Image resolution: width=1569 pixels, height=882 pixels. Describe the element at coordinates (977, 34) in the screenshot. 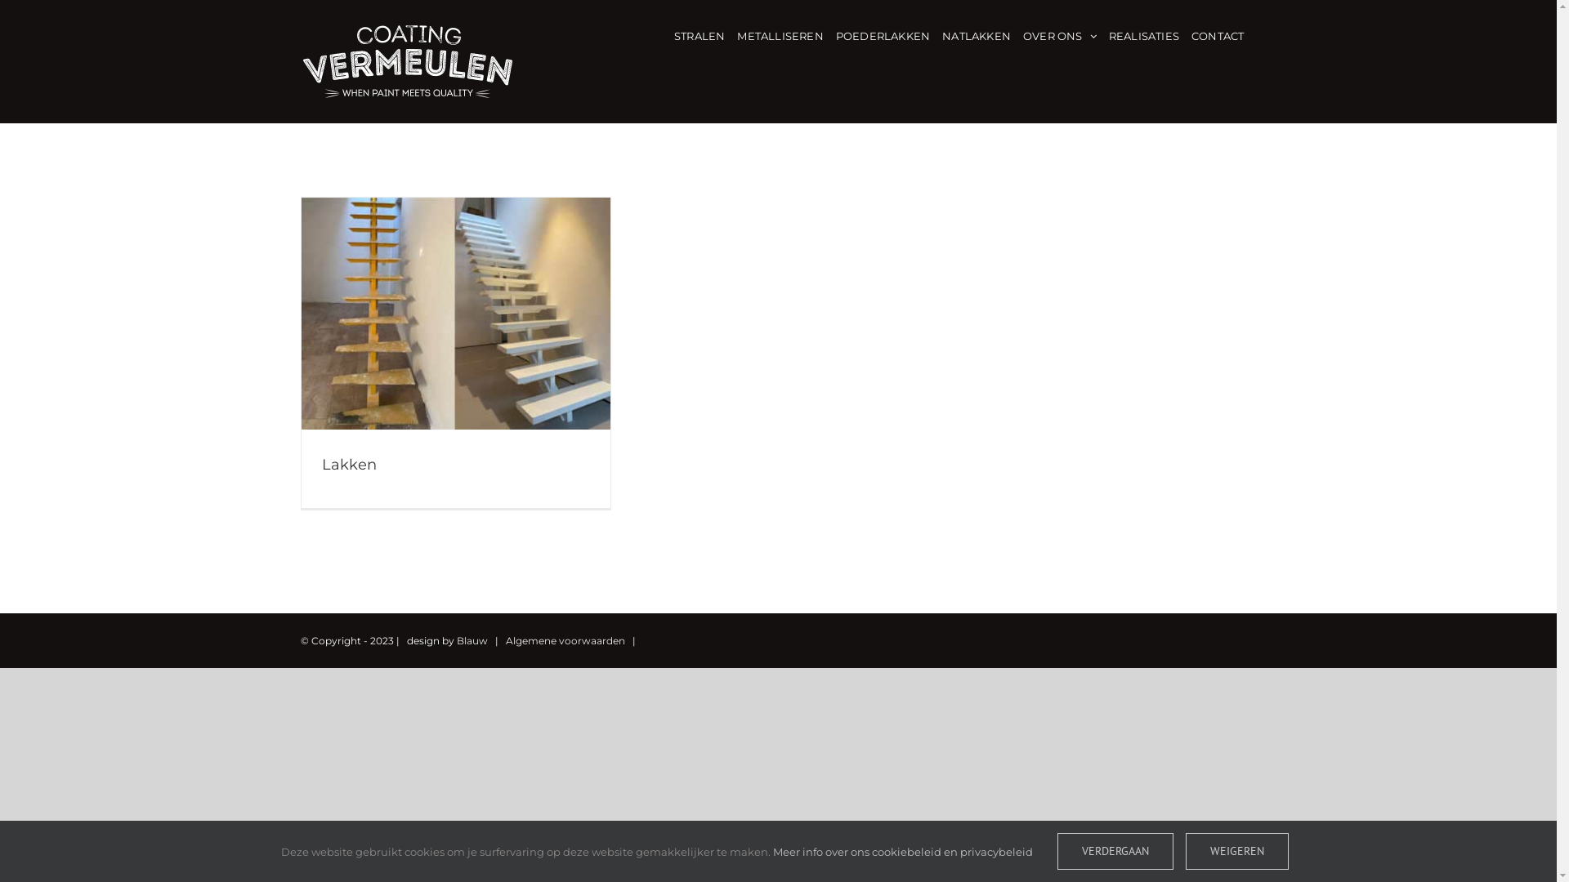

I see `'NATLAKKEN'` at that location.